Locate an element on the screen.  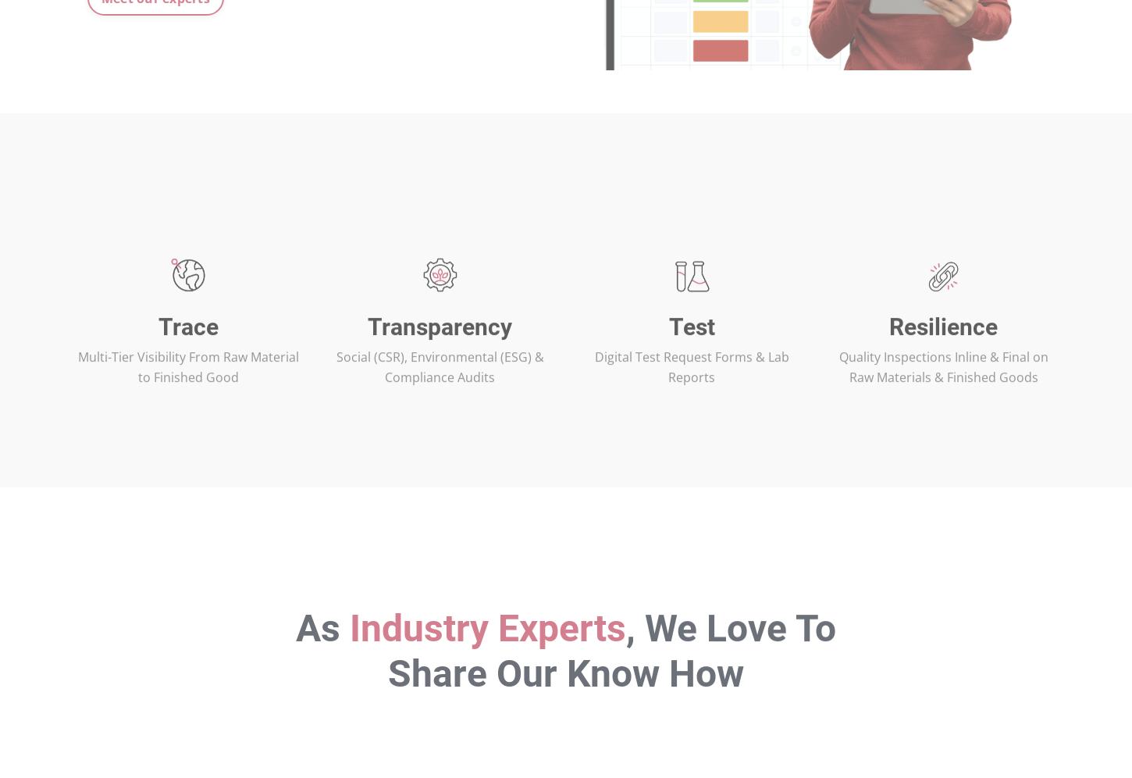
'Industry Experts' is located at coordinates (486, 677).